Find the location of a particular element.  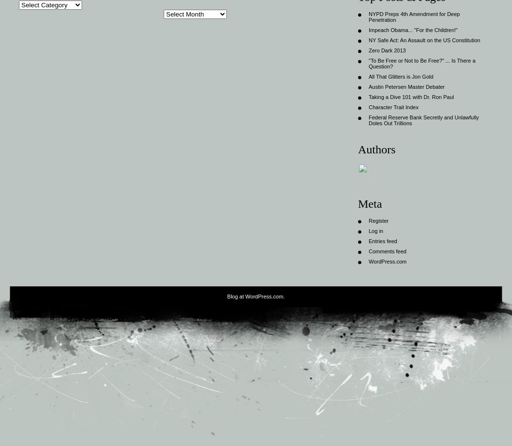

'Austin Petersen Master Debater' is located at coordinates (368, 86).